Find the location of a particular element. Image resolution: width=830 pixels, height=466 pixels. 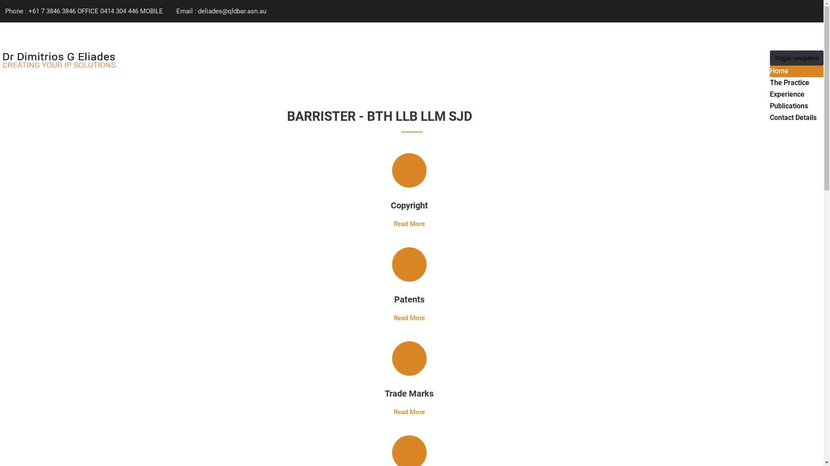

'Contact Details' is located at coordinates (793, 117).